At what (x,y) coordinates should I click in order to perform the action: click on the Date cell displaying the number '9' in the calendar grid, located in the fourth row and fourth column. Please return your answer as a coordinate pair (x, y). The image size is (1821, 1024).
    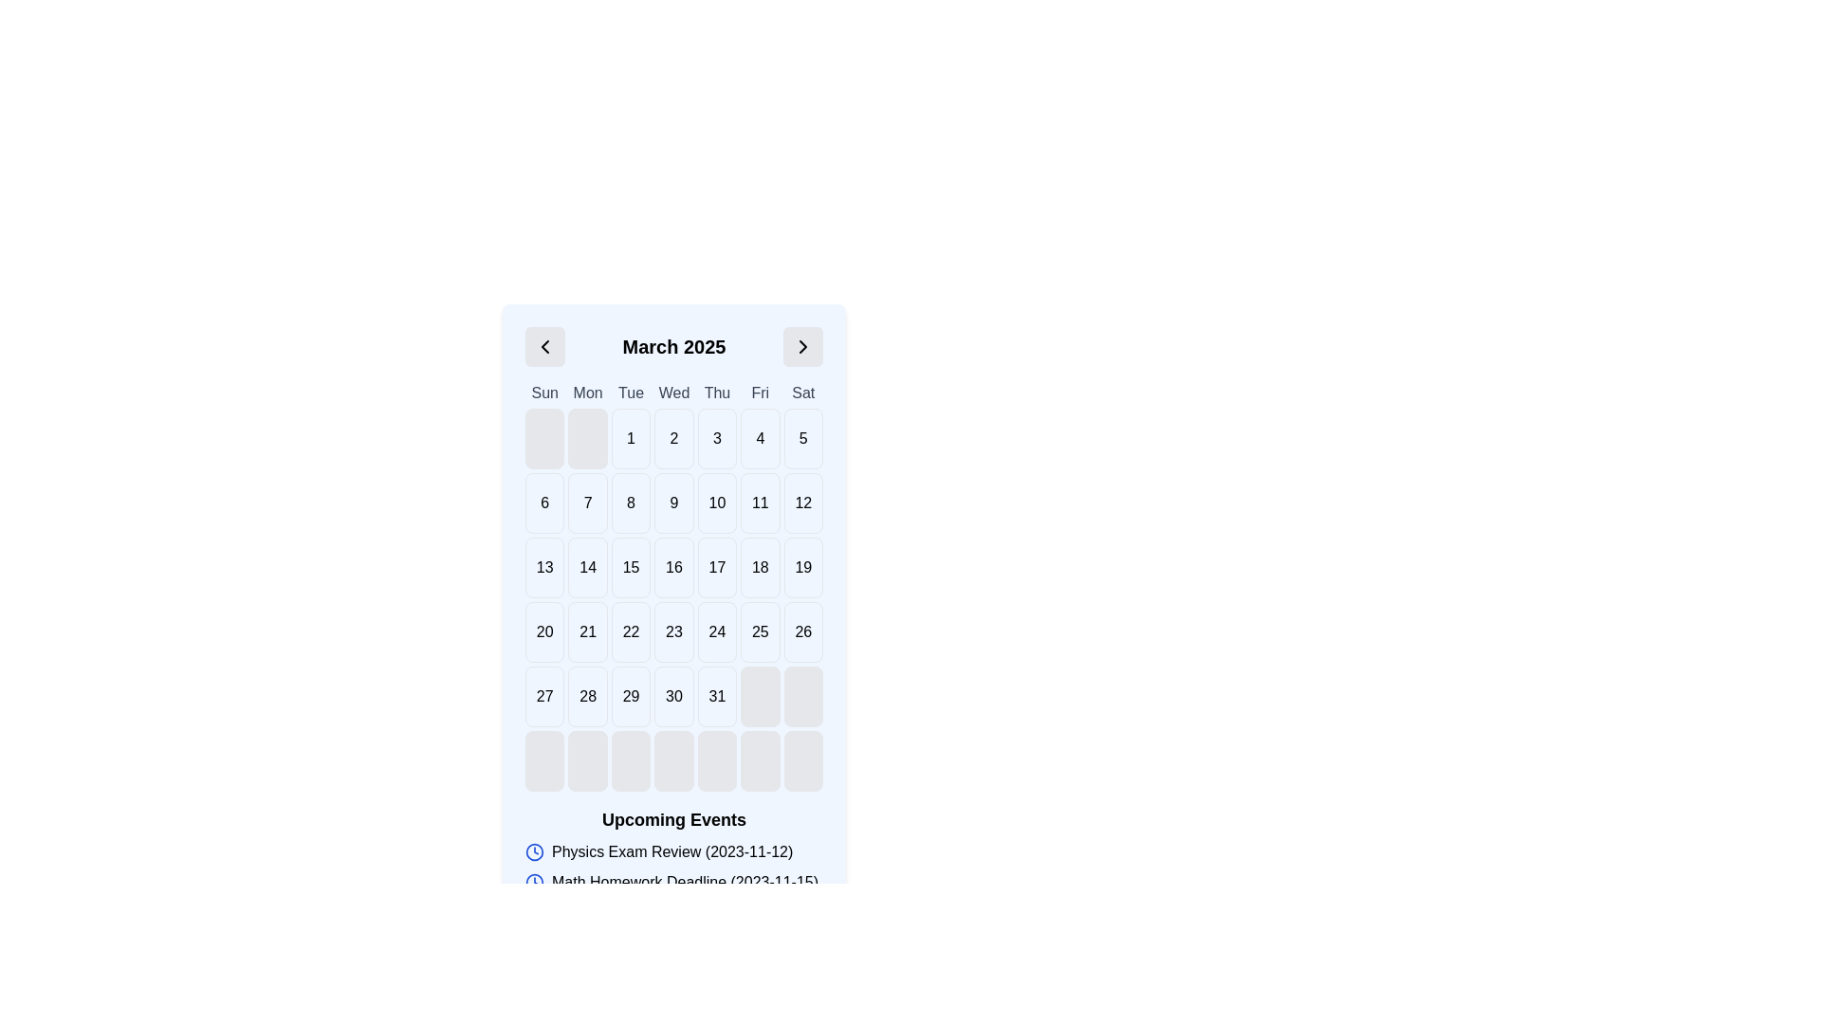
    Looking at the image, I should click on (673, 503).